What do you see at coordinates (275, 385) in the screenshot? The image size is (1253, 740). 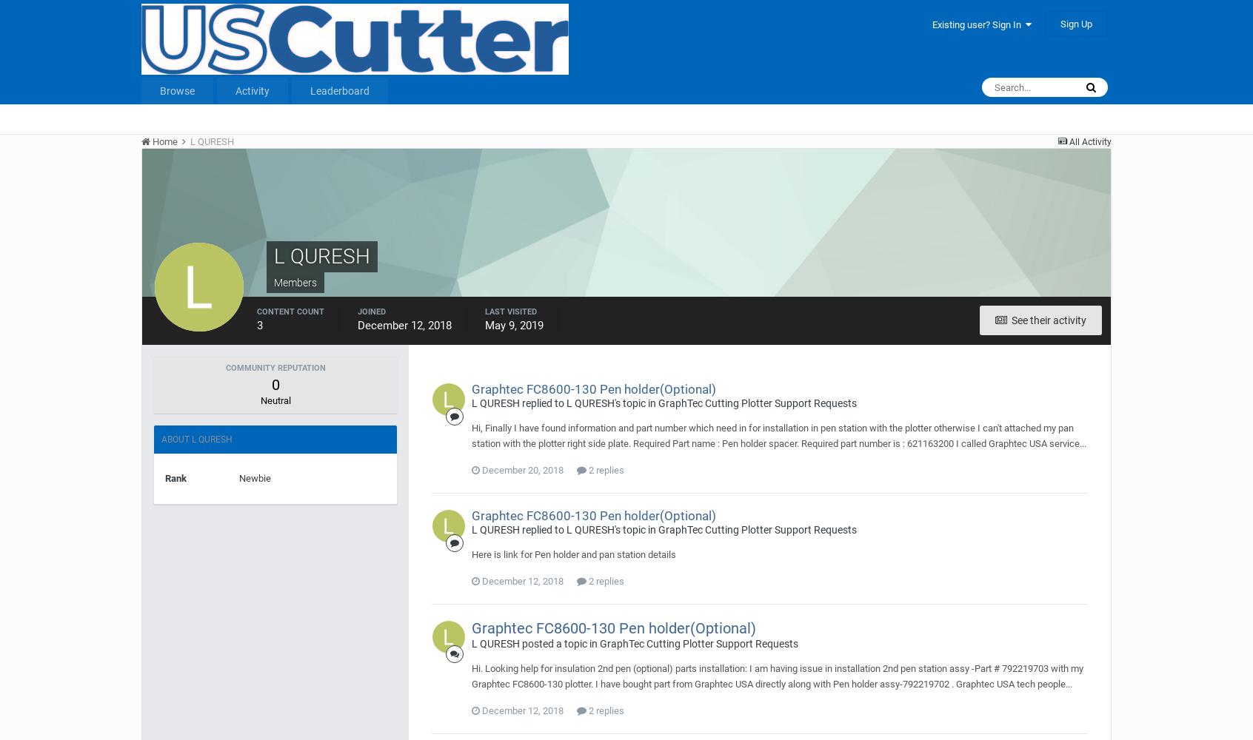 I see `'0'` at bounding box center [275, 385].